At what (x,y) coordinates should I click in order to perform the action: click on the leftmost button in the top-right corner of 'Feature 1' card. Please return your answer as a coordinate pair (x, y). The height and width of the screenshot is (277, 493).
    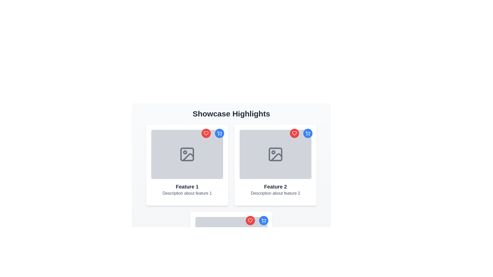
    Looking at the image, I should click on (206, 133).